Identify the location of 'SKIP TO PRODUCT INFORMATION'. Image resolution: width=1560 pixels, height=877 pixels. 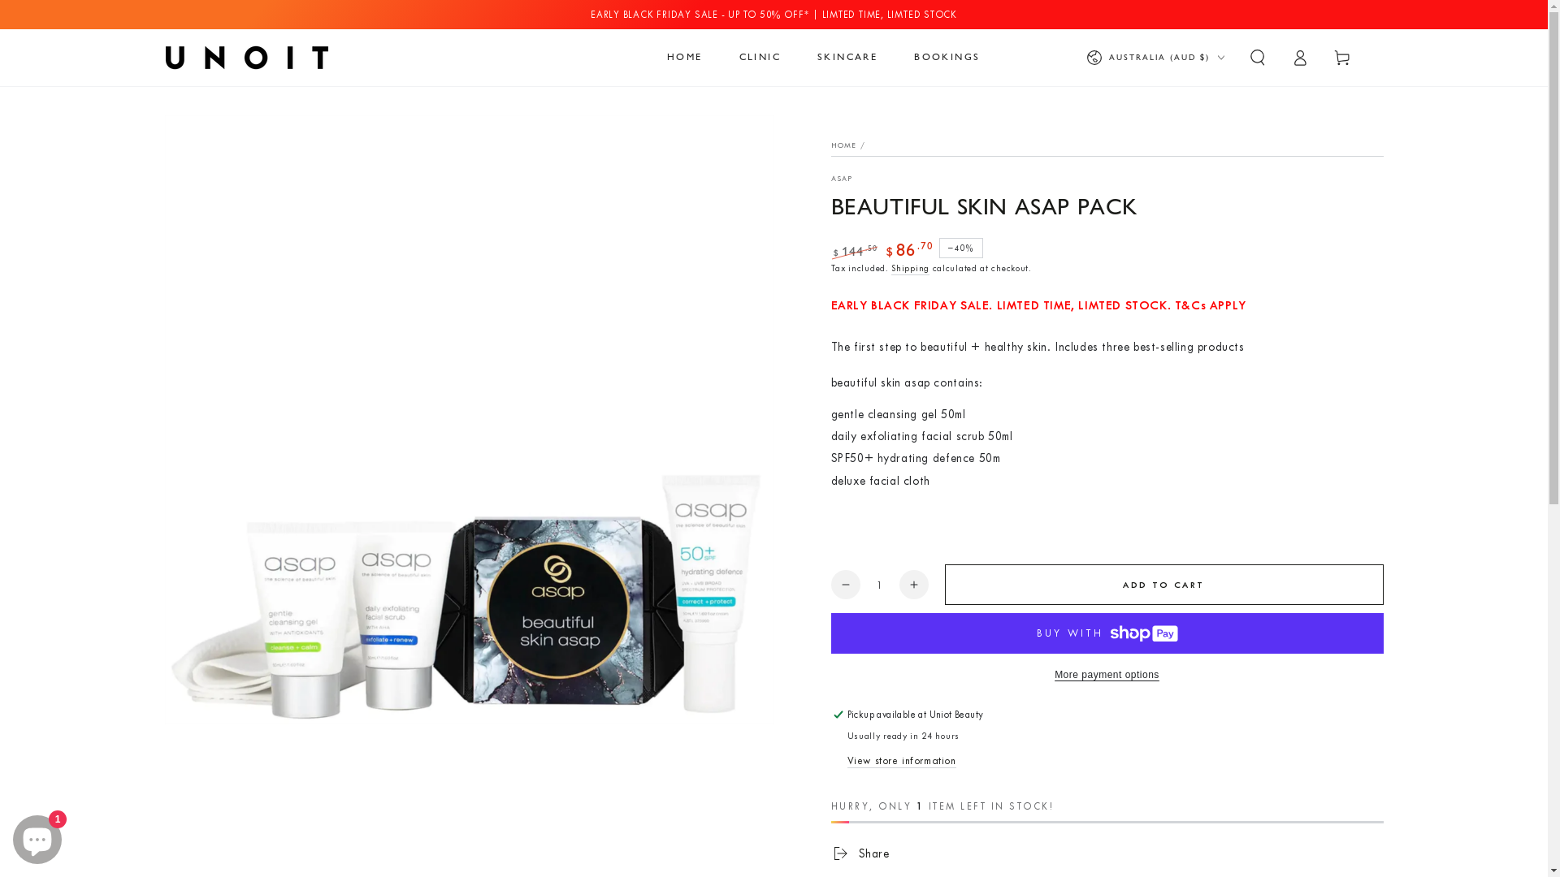
(261, 133).